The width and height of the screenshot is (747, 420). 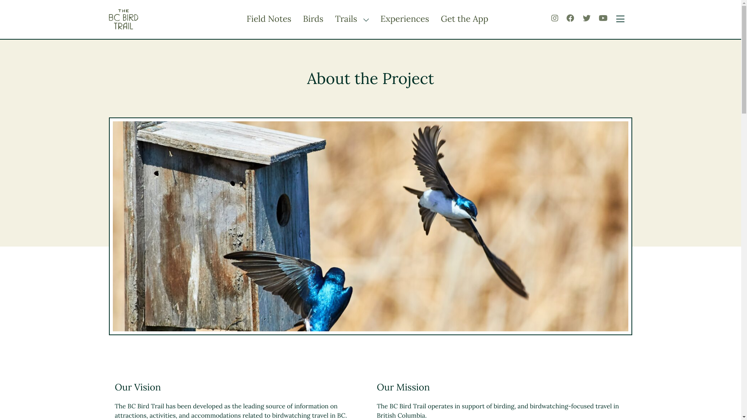 What do you see at coordinates (586, 18) in the screenshot?
I see `'BC Bird Trail Twitter Account'` at bounding box center [586, 18].